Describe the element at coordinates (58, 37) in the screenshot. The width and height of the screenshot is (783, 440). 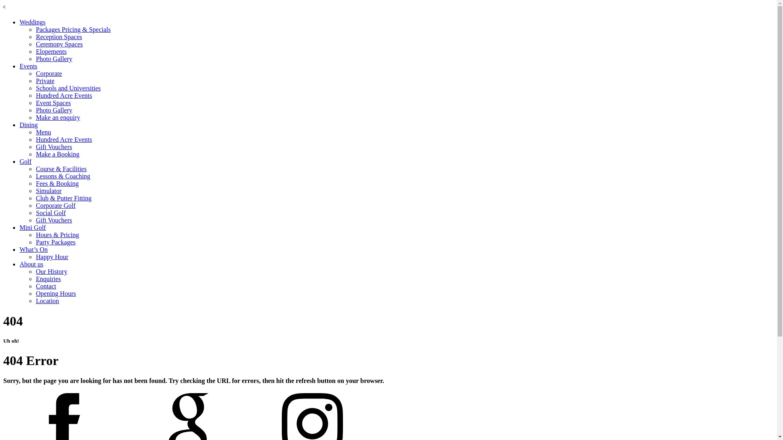
I see `'Reception Spaces'` at that location.